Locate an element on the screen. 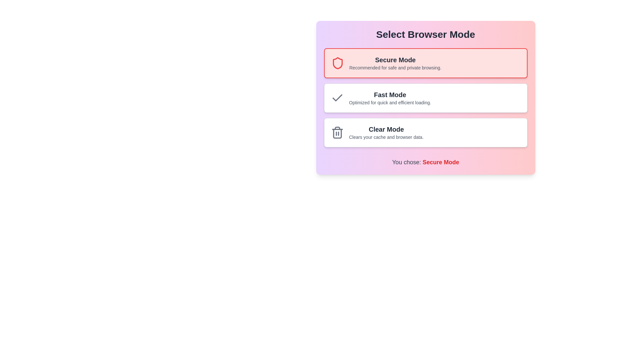 The width and height of the screenshot is (626, 352). the 'Clear Mode' text label, which serves as a heading for the selection card option in the third row of the vertical list is located at coordinates (386, 129).